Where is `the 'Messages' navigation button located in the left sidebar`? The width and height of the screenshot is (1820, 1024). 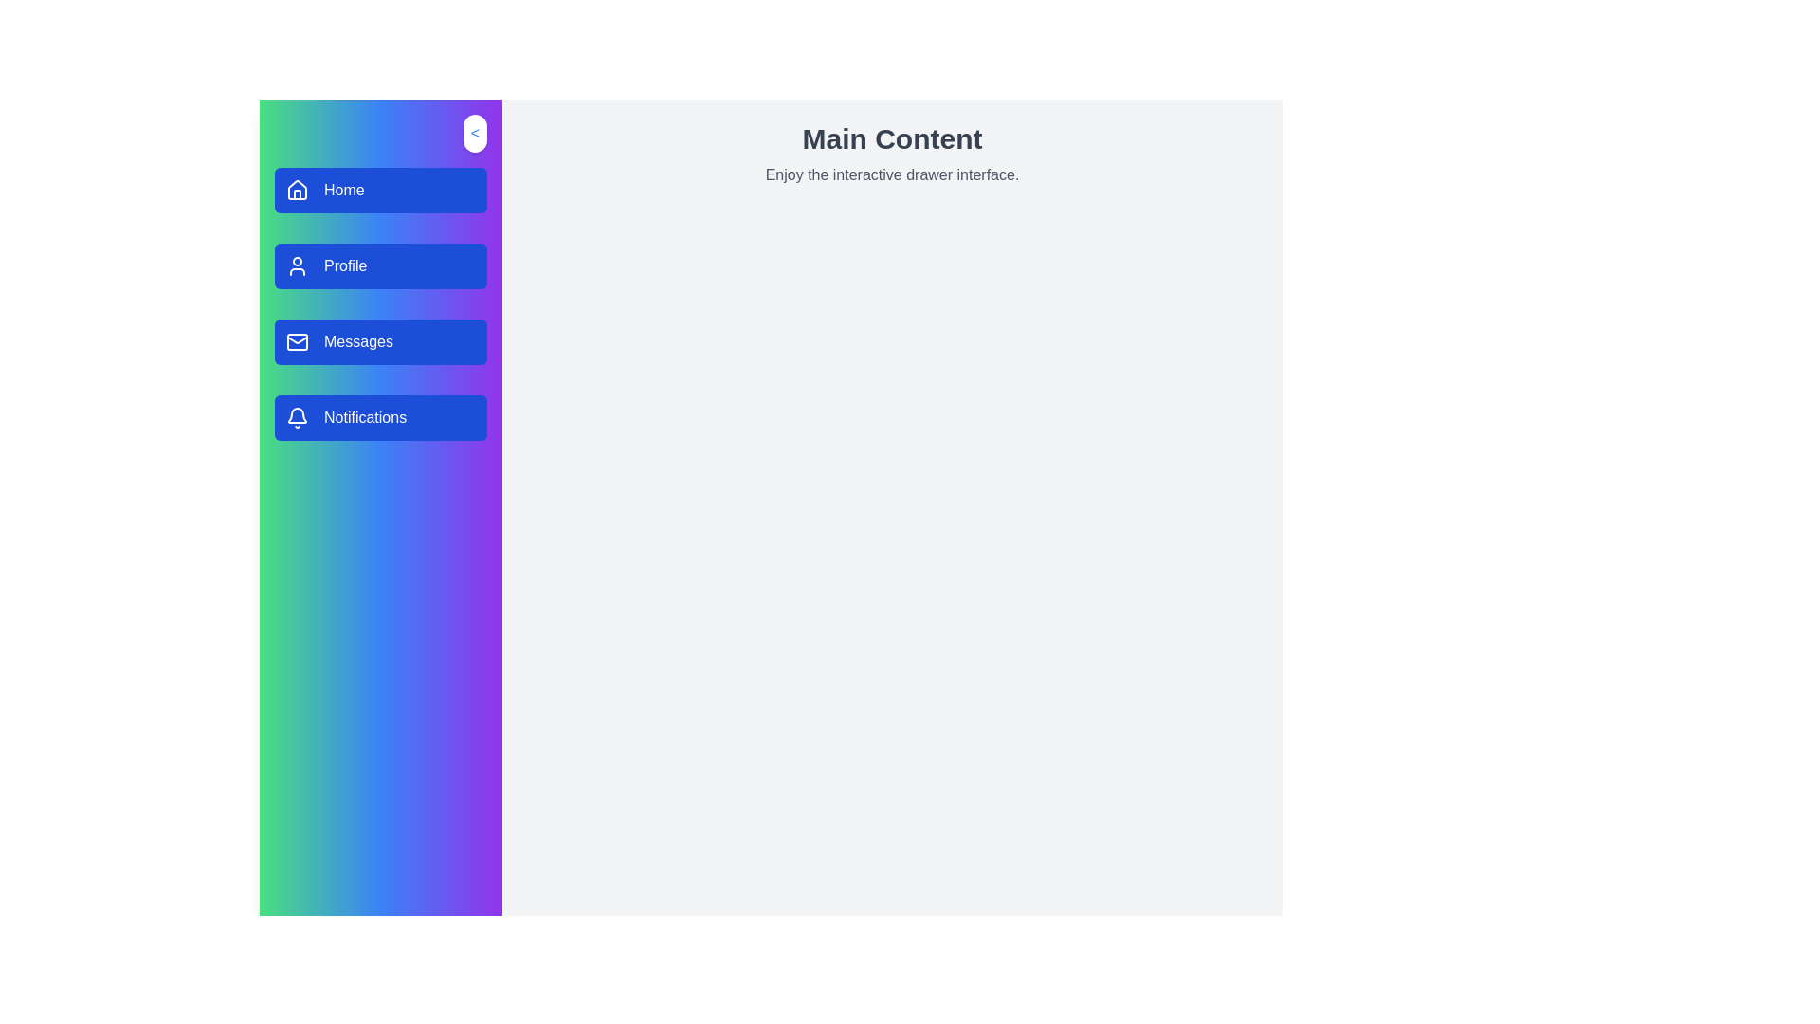 the 'Messages' navigation button located in the left sidebar is located at coordinates (380, 342).